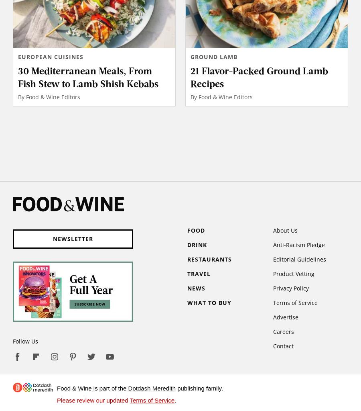 Image resolution: width=361 pixels, height=411 pixels. I want to click on 'What to Buy', so click(209, 302).